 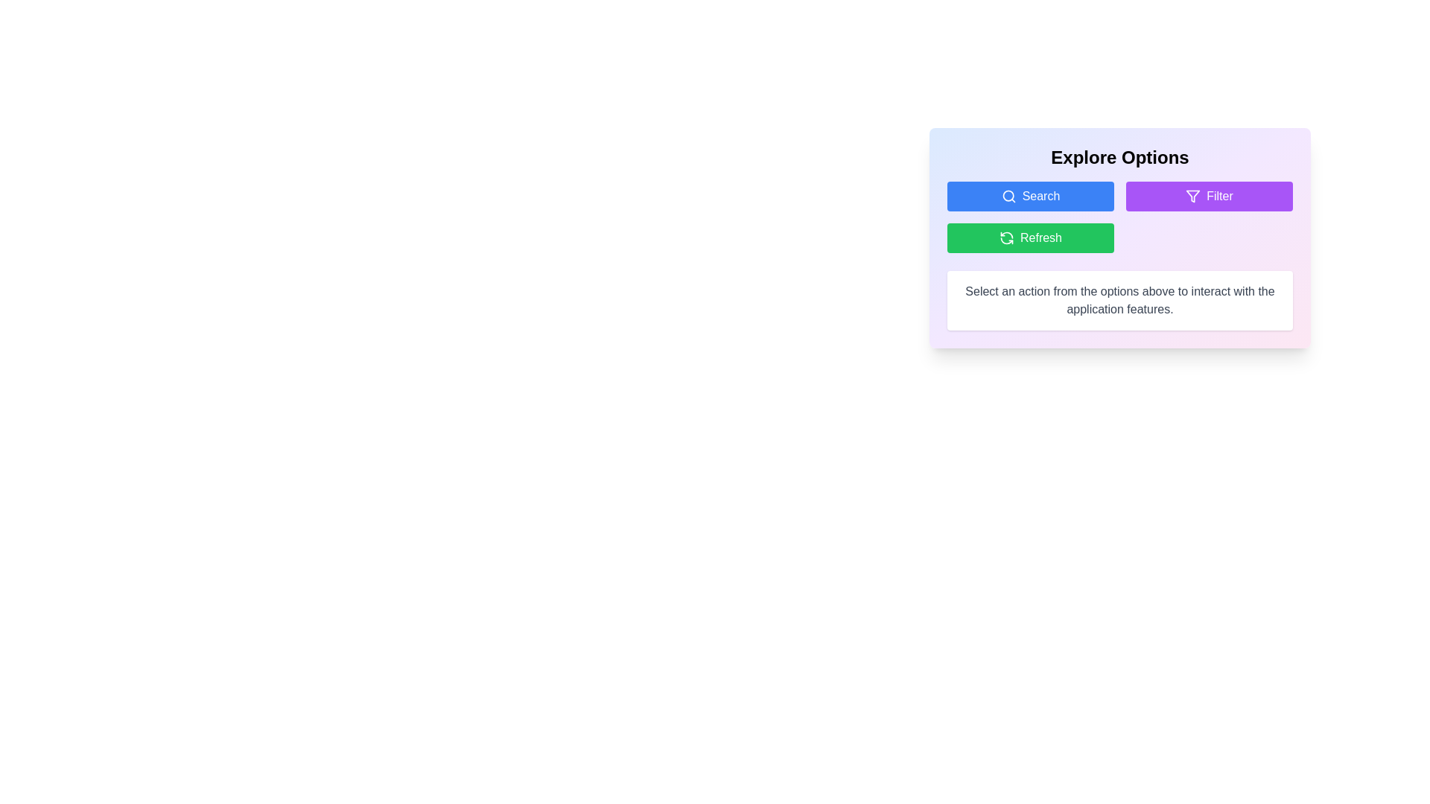 I want to click on the refresh button, which is the third button in a grid layout, located below the 'Search' button and to the left of the 'Filter' button, so click(x=1029, y=237).